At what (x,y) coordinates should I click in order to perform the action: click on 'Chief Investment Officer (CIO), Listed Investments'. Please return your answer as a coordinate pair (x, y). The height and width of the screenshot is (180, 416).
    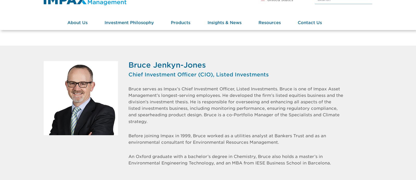
    Looking at the image, I should click on (128, 74).